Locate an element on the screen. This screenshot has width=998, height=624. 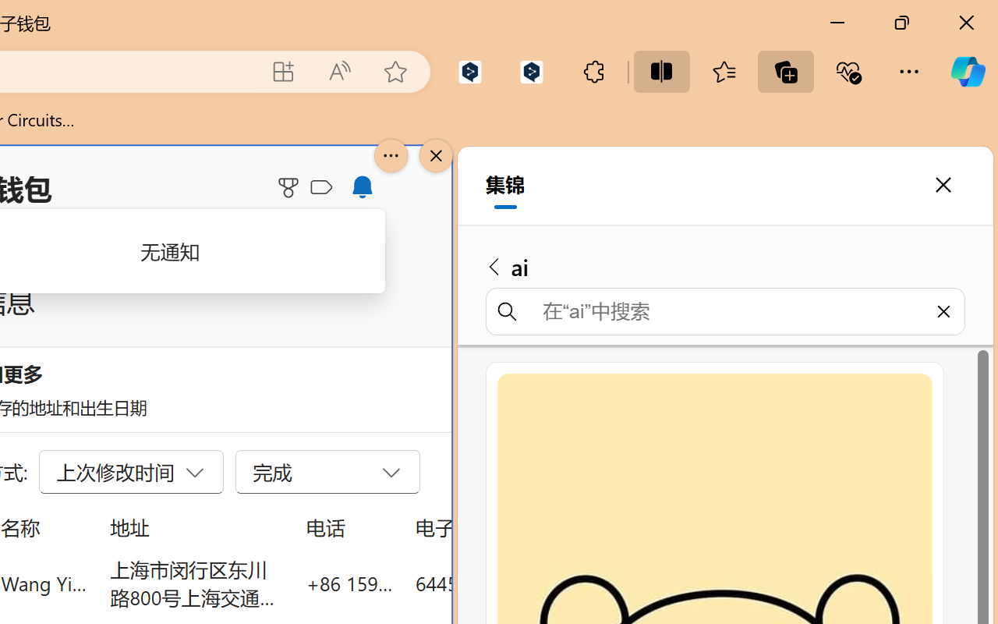
'+86 159 0032 4640' is located at coordinates (349, 583).